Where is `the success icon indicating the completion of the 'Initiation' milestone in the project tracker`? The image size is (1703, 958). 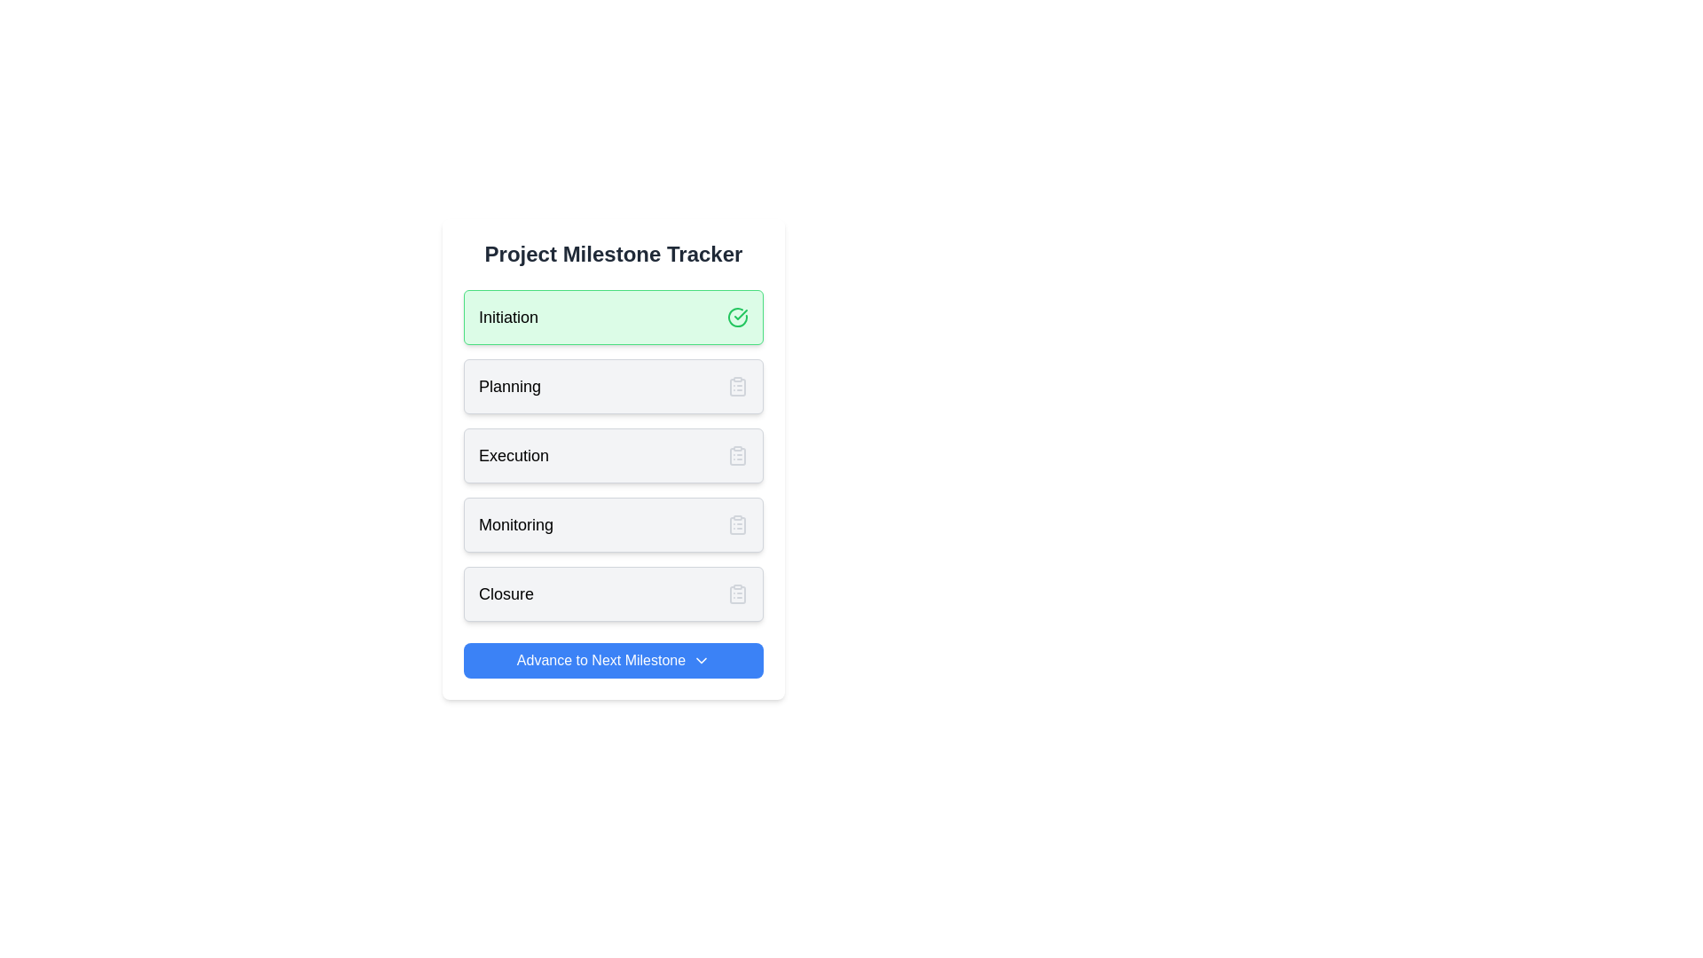
the success icon indicating the completion of the 'Initiation' milestone in the project tracker is located at coordinates (737, 317).